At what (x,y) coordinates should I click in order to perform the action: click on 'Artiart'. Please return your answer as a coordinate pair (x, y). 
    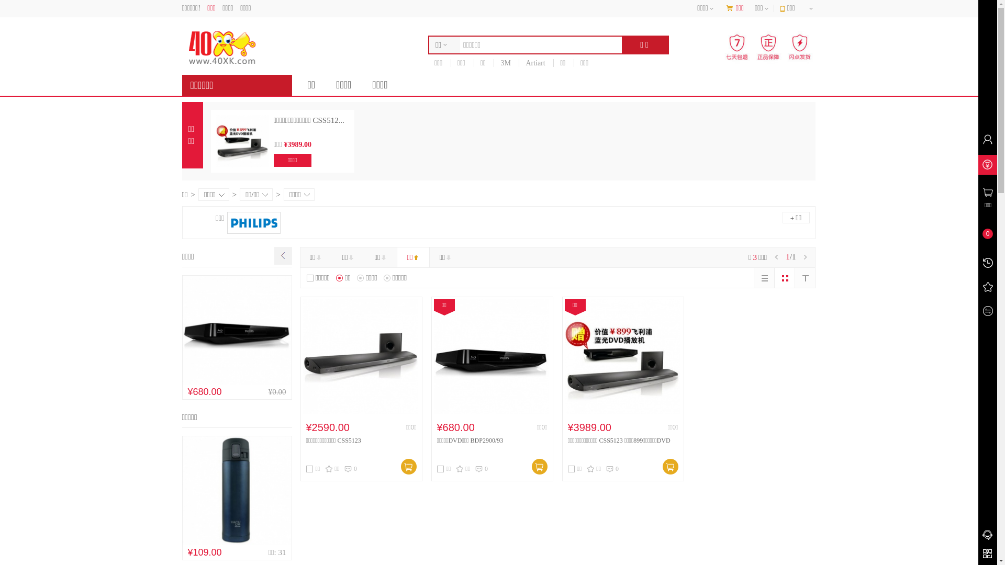
    Looking at the image, I should click on (535, 63).